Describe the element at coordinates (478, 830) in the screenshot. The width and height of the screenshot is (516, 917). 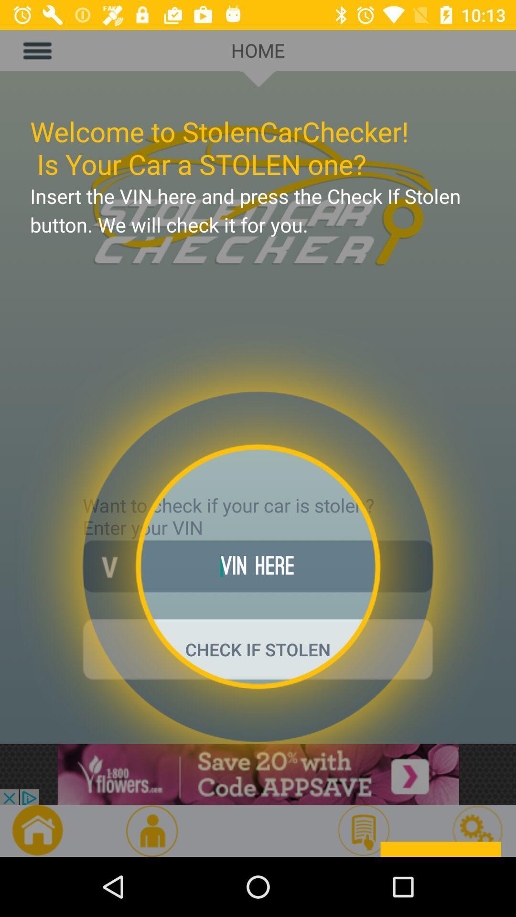
I see `the settings icon` at that location.